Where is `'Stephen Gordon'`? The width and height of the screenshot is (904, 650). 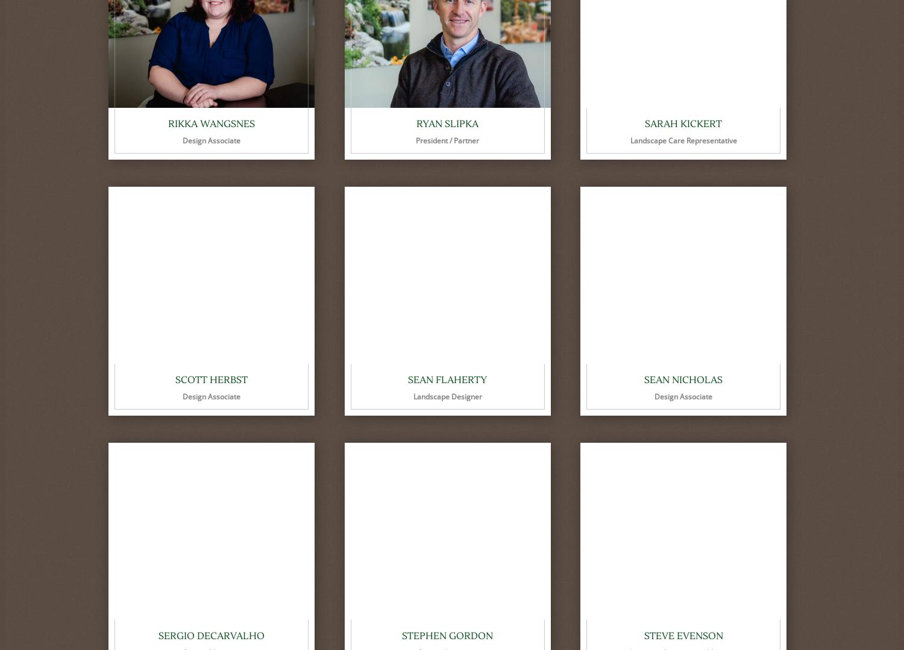 'Stephen Gordon' is located at coordinates (447, 636).